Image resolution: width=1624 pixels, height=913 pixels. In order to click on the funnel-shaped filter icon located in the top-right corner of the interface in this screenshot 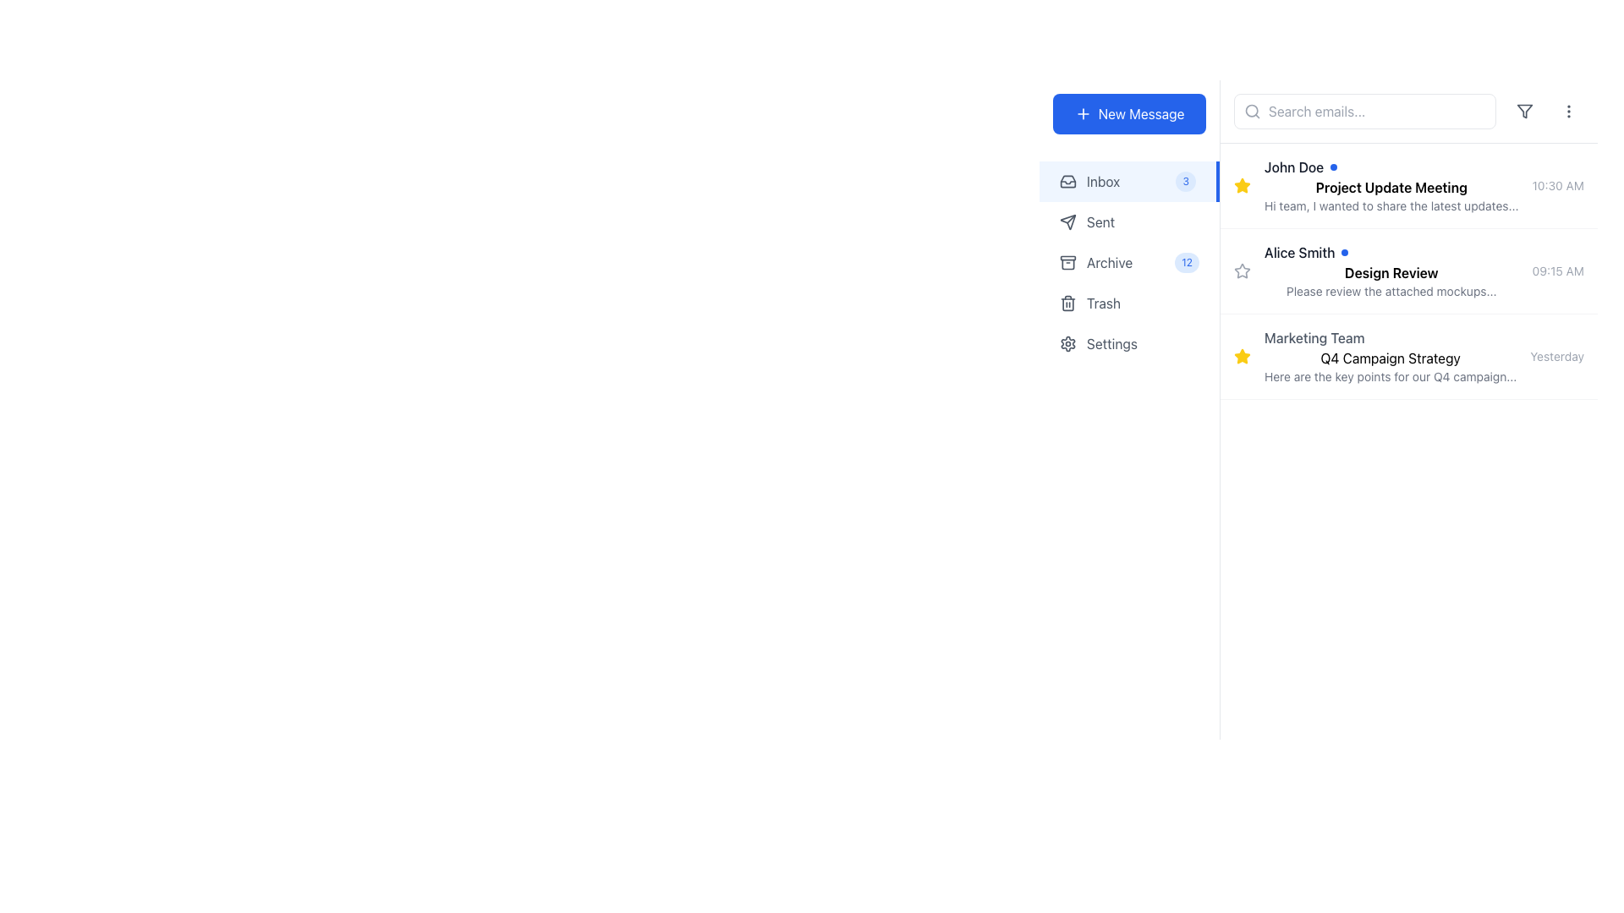, I will do `click(1525, 111)`.